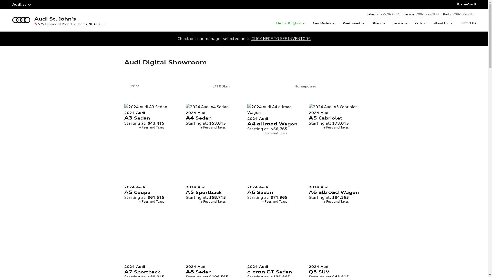  What do you see at coordinates (399, 23) in the screenshot?
I see `'Service'` at bounding box center [399, 23].